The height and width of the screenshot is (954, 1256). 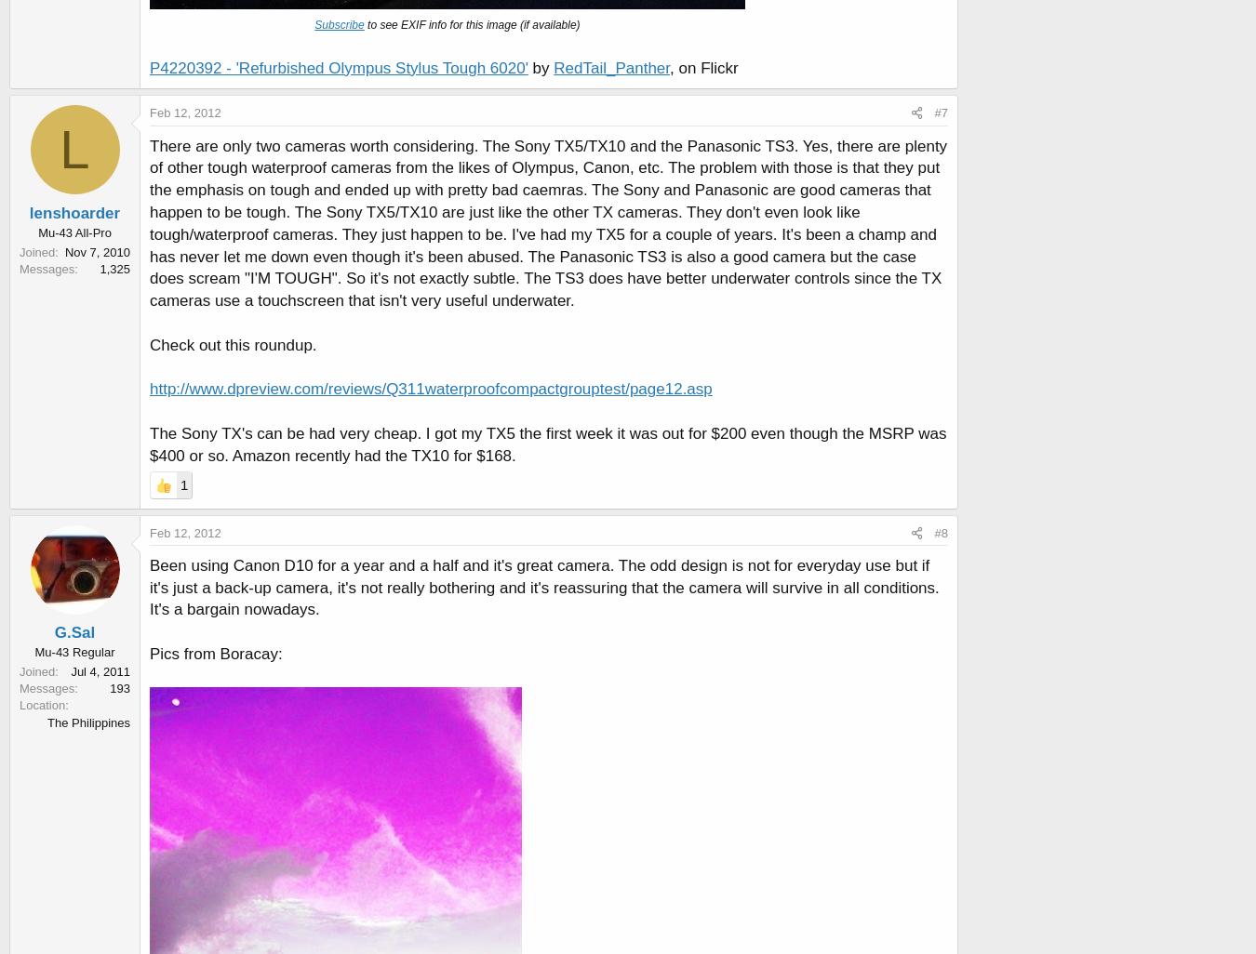 What do you see at coordinates (150, 343) in the screenshot?
I see `'Check out this roundup.'` at bounding box center [150, 343].